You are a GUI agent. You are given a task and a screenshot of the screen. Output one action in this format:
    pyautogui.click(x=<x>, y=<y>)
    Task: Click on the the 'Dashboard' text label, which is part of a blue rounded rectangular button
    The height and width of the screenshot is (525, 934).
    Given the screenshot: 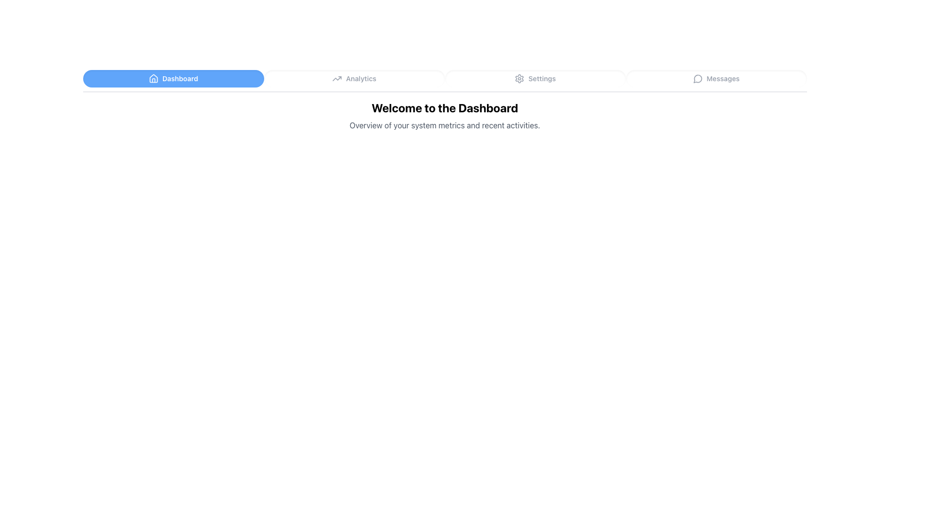 What is the action you would take?
    pyautogui.click(x=180, y=78)
    